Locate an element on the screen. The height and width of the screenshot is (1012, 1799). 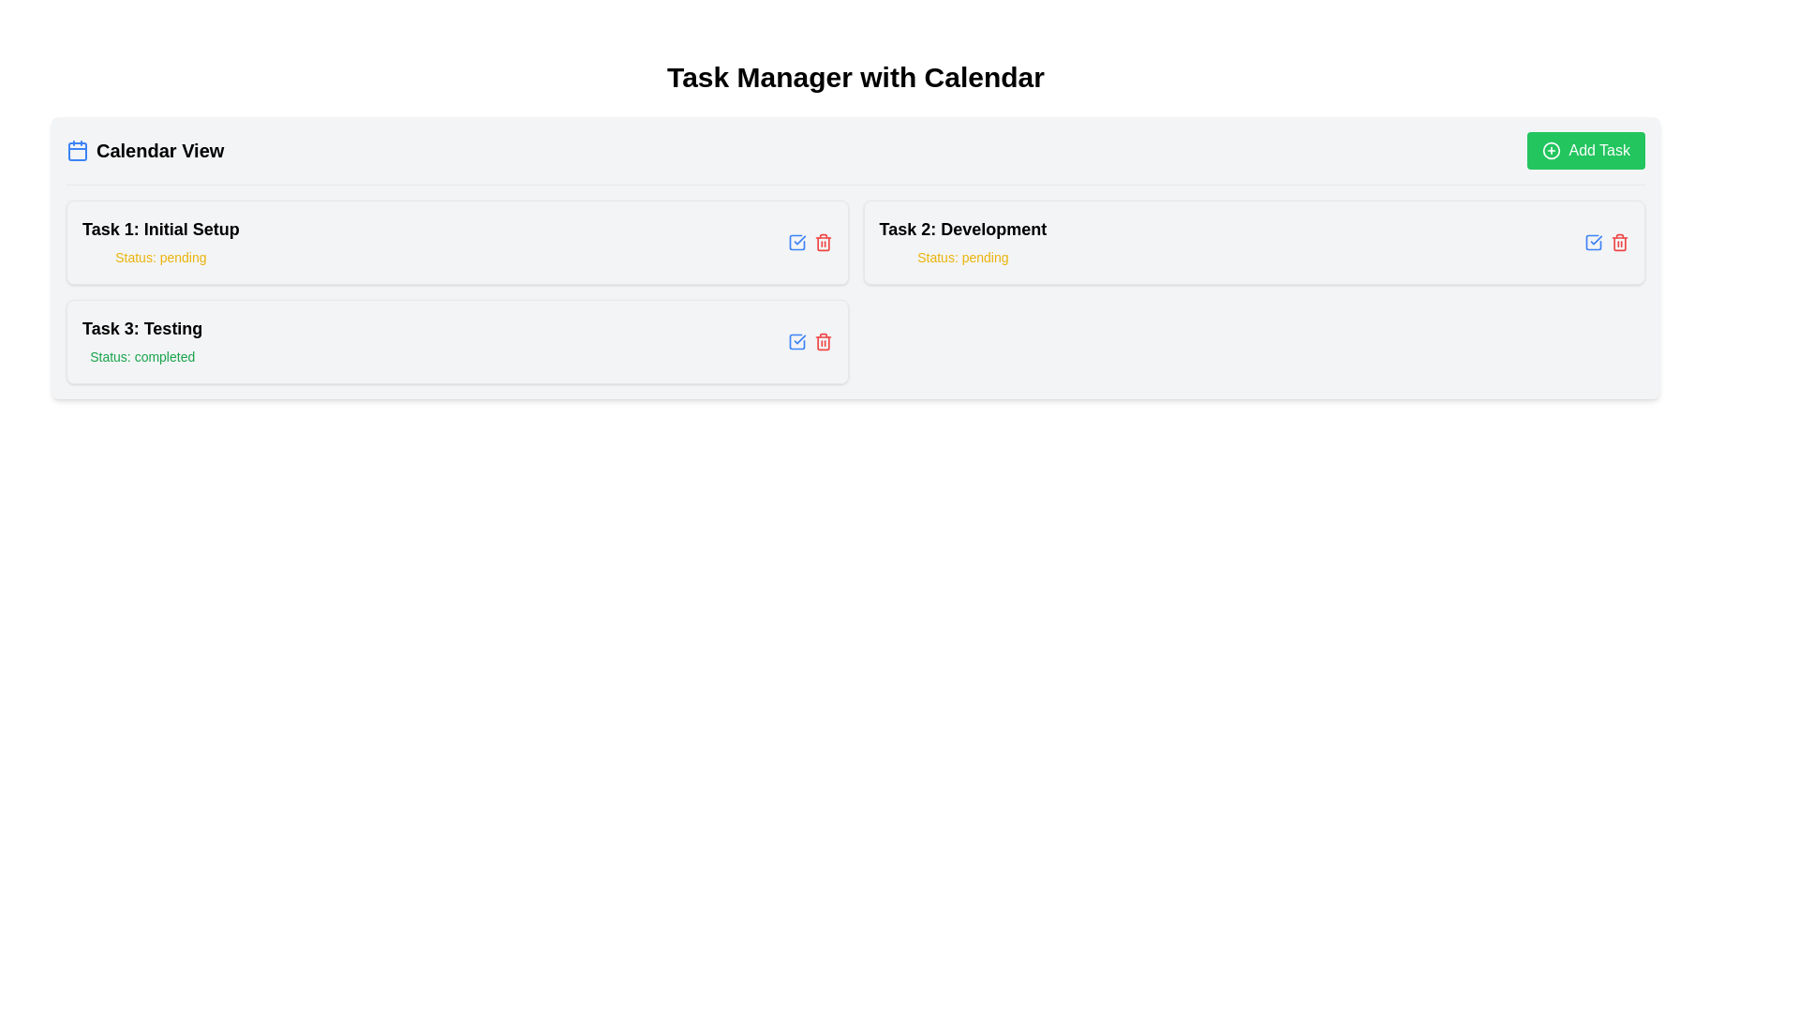
the 'Calendar View' text label, which is distinguished by its bold font and adjacent blue calendar icon, located in the top-left corner of its section is located at coordinates (144, 150).